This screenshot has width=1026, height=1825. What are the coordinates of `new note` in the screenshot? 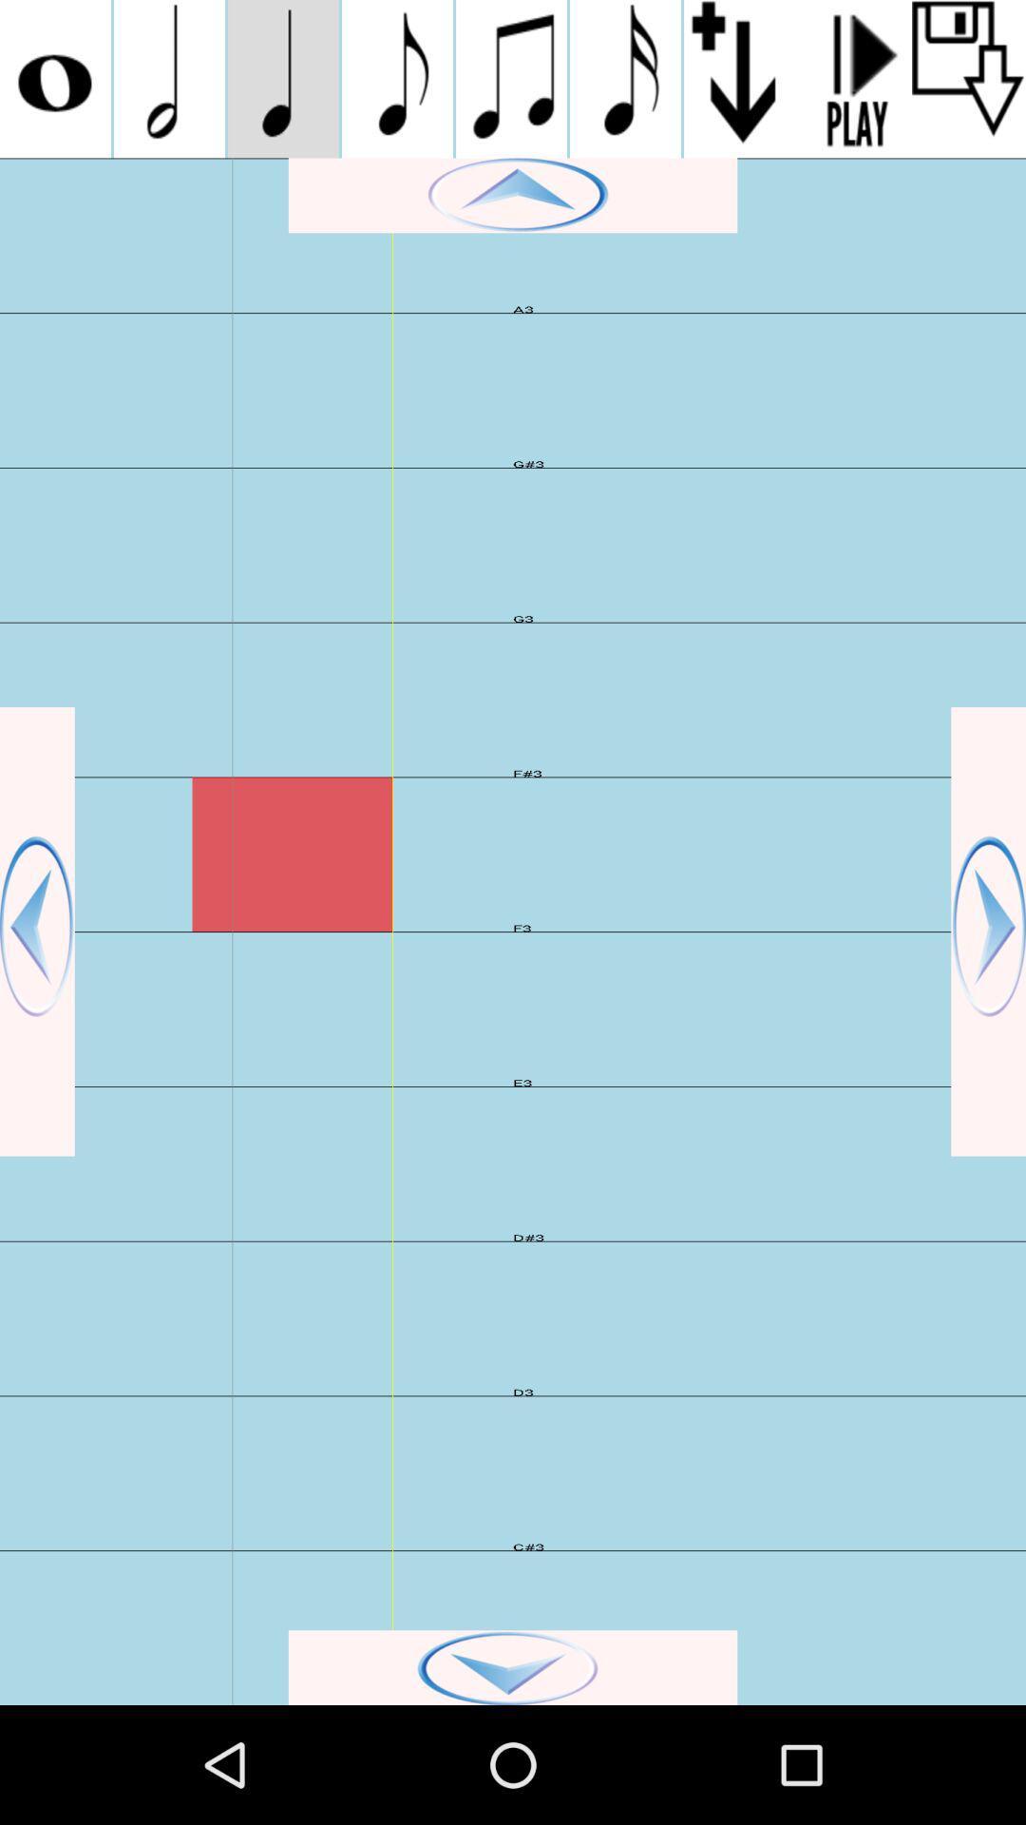 It's located at (396, 78).